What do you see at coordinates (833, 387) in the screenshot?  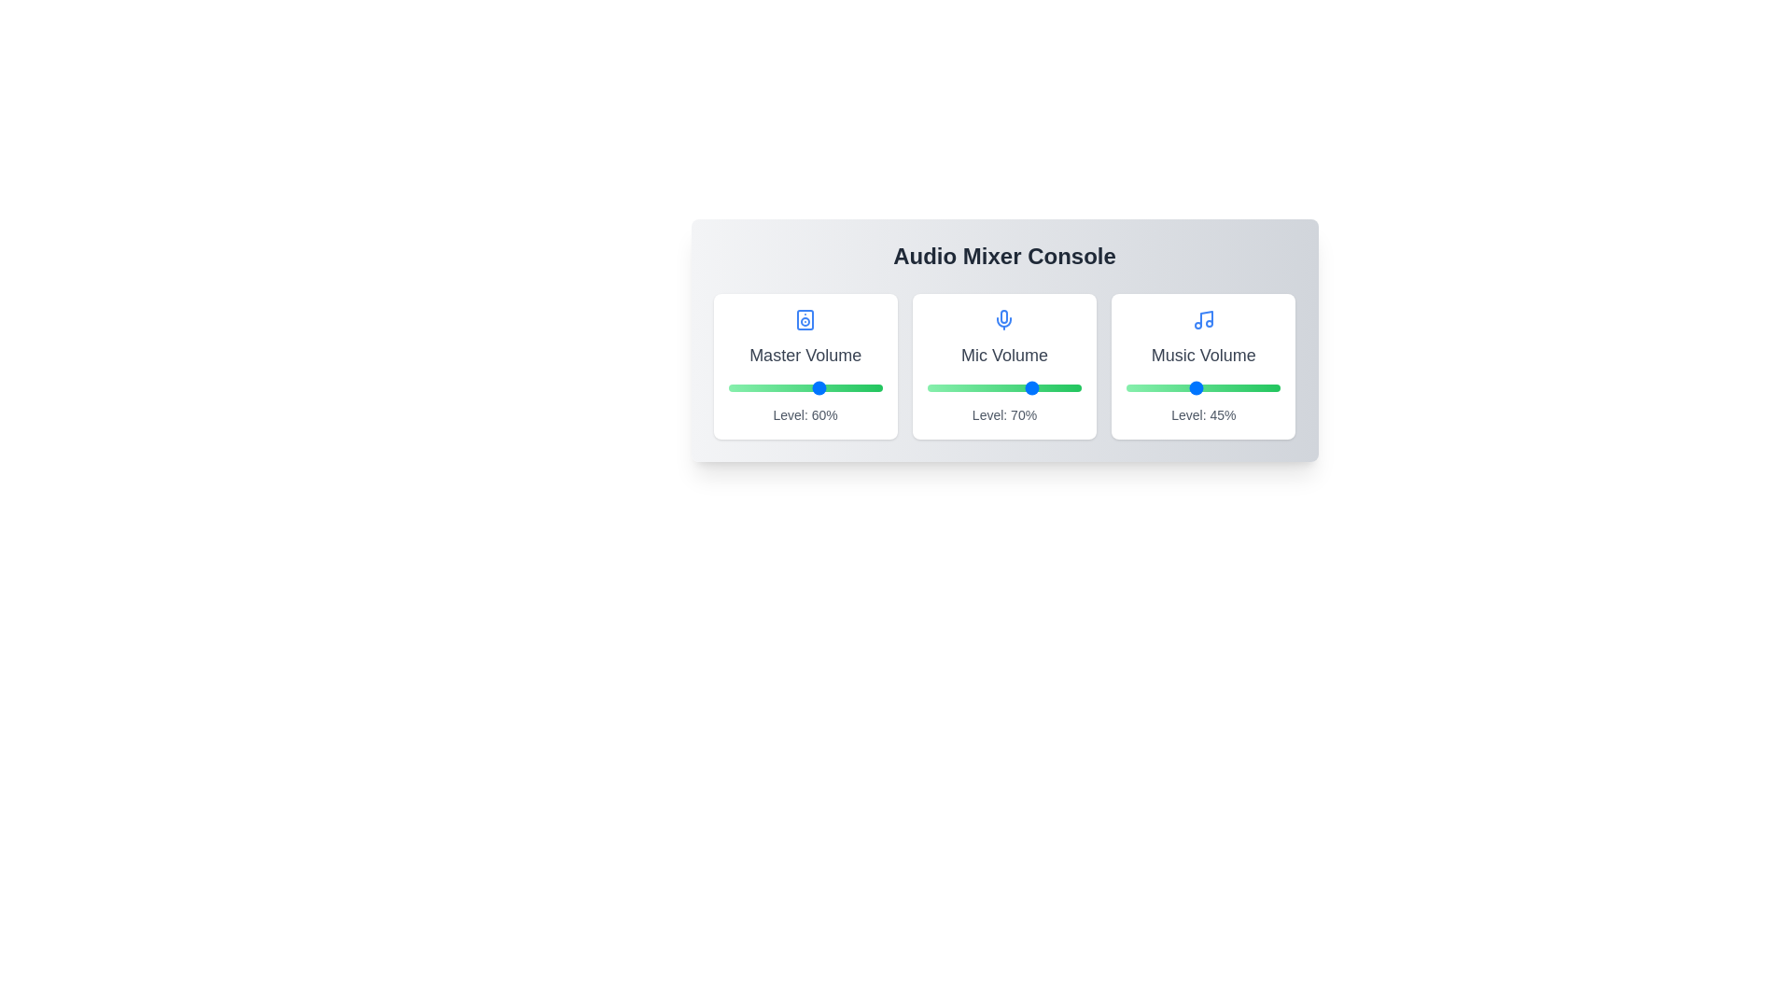 I see `the Master Volume slider to 69%` at bounding box center [833, 387].